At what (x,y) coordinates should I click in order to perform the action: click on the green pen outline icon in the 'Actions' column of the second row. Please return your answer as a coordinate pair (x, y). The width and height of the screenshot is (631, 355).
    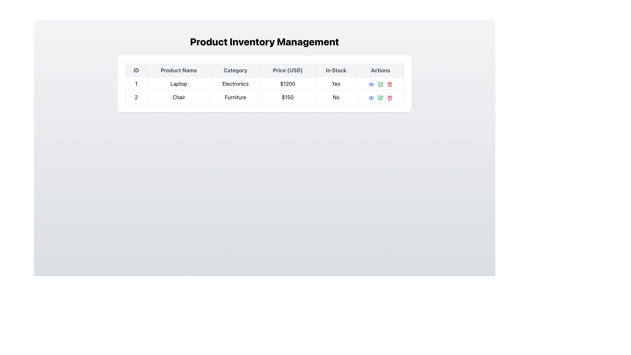
    Looking at the image, I should click on (380, 97).